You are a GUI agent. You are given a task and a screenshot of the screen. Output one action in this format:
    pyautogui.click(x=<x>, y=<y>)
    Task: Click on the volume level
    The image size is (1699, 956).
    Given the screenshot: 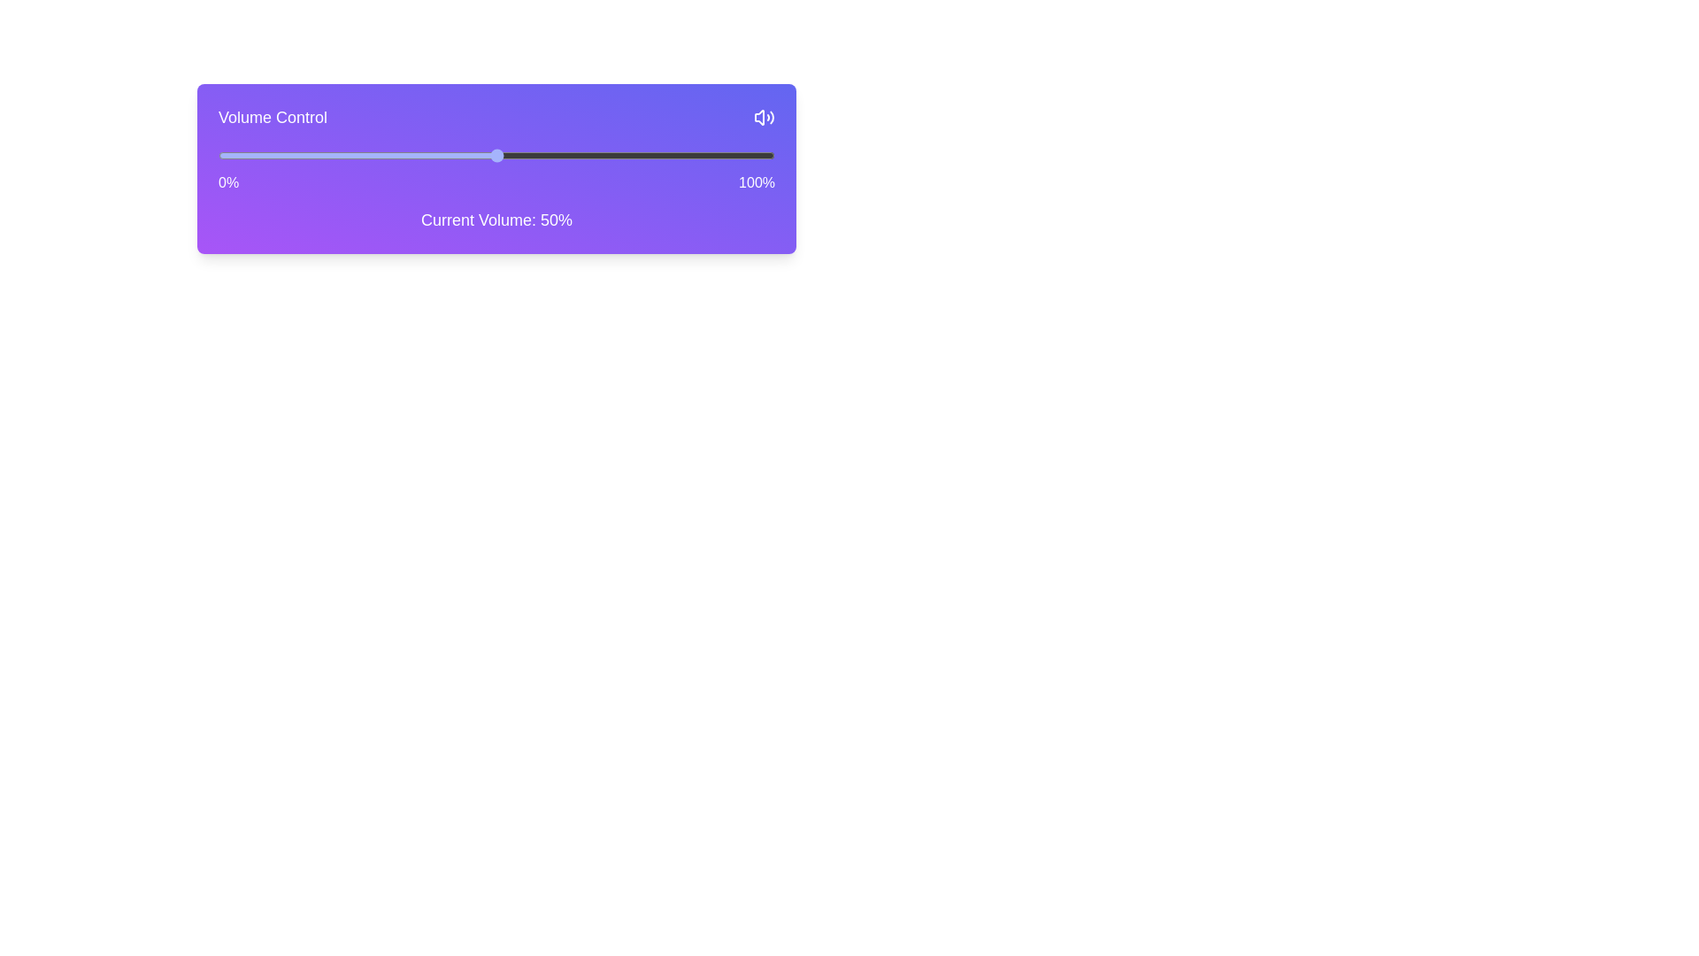 What is the action you would take?
    pyautogui.click(x=719, y=155)
    